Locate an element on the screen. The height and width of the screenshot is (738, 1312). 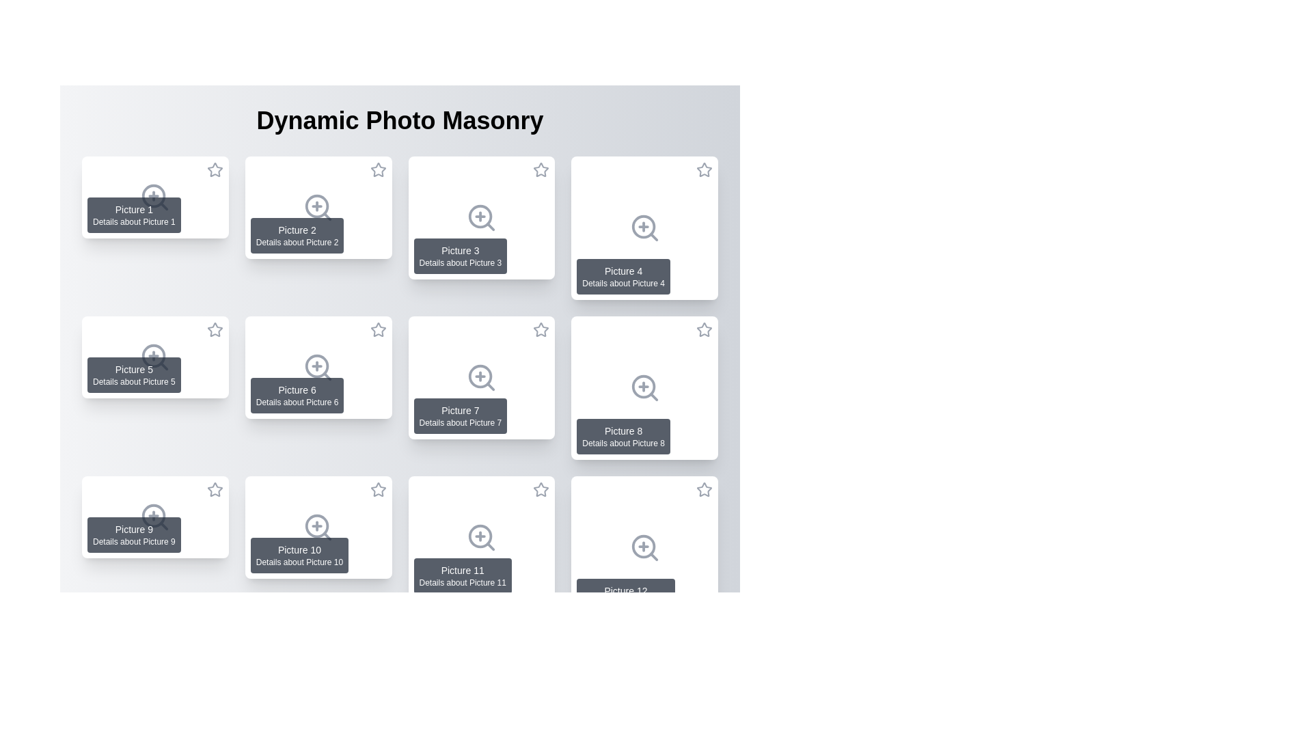
the star-shaped icon located at the top-right corner of the card labeled 'Picture 12Details about Picture 12' is located at coordinates (705, 492).